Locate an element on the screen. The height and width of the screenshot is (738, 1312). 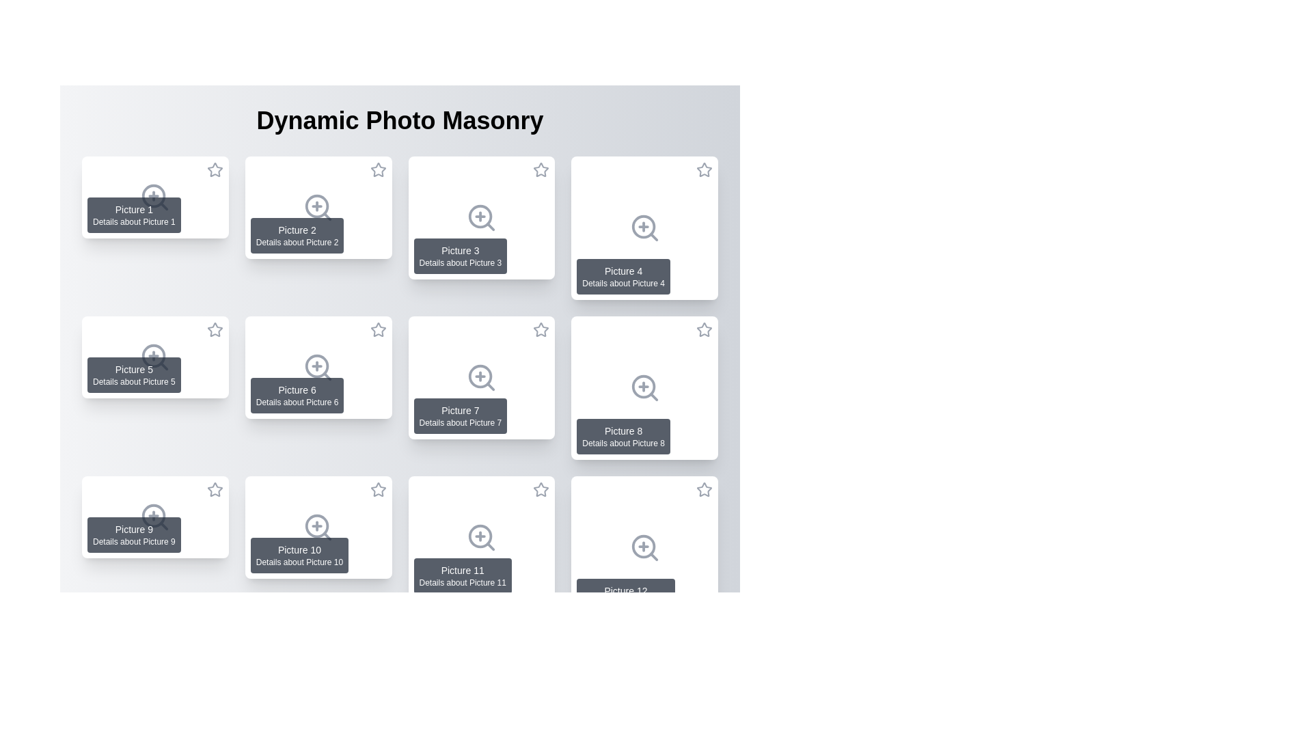
the star-shaped icon located at the top-right corner of the card labeled 'Picture 12Details about Picture 12' is located at coordinates (705, 492).